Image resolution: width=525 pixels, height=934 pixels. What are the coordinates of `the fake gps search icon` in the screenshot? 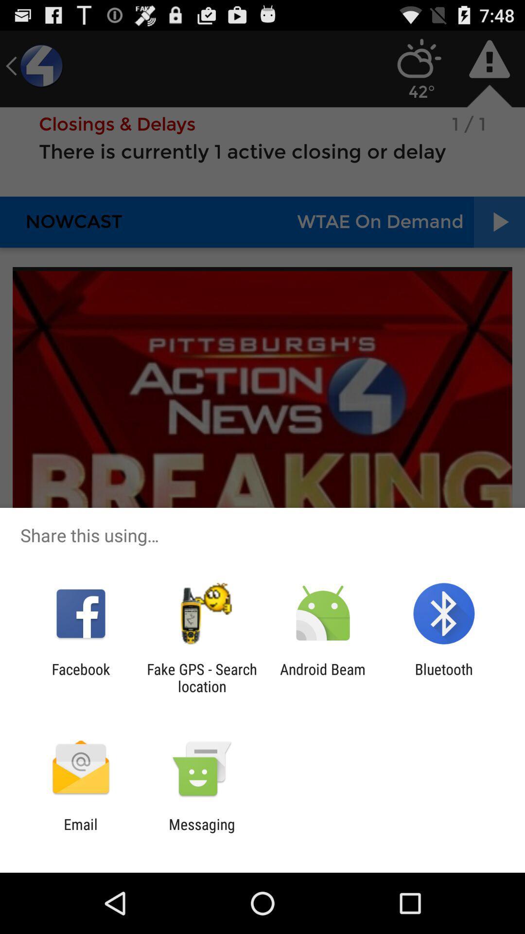 It's located at (201, 677).